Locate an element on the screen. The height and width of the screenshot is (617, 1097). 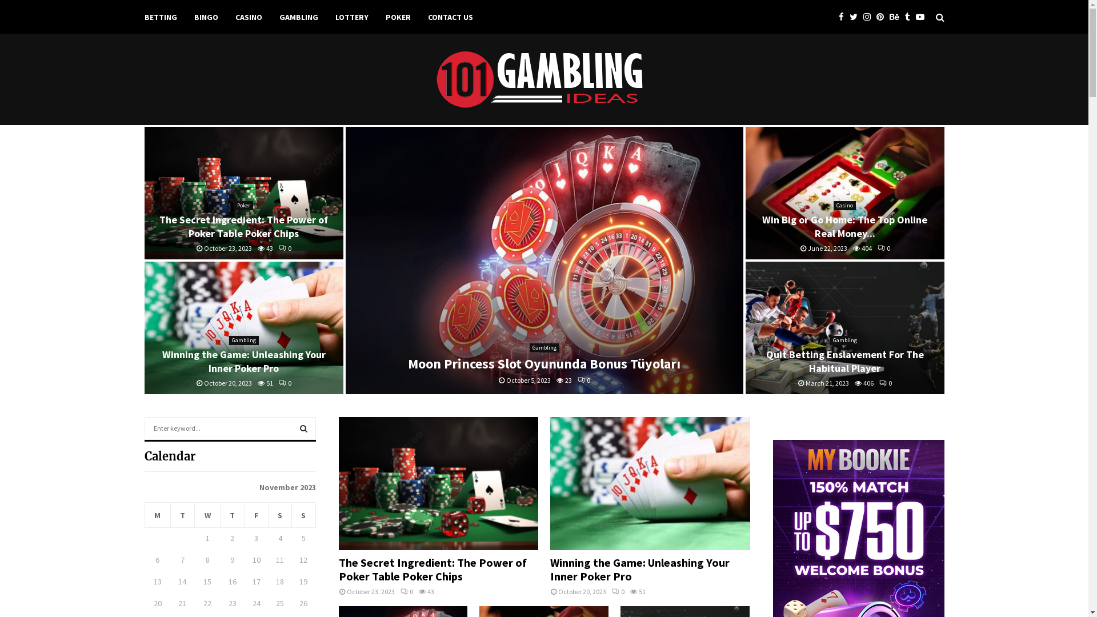
'Pinterest' is located at coordinates (882, 17).